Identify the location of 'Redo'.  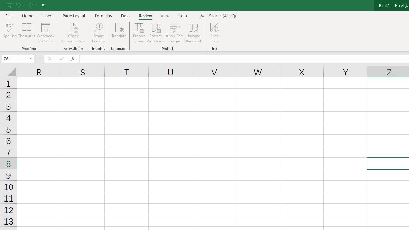
(32, 5).